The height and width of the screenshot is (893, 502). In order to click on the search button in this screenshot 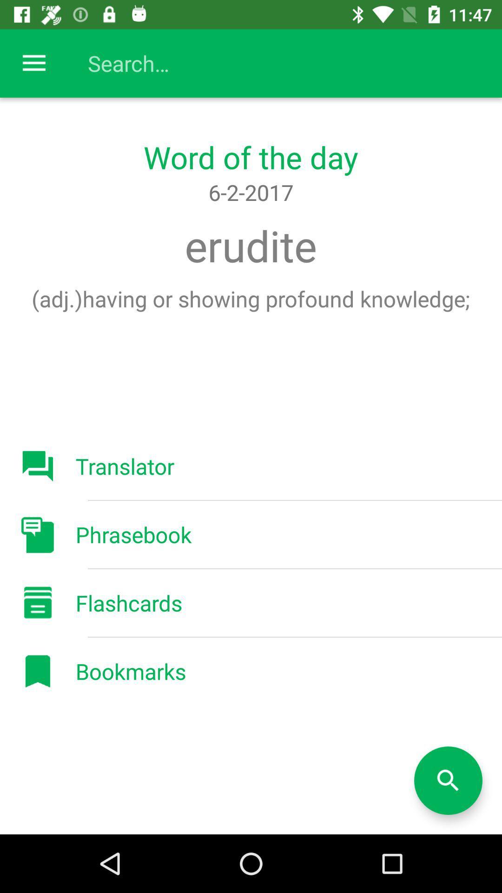, I will do `click(448, 780)`.